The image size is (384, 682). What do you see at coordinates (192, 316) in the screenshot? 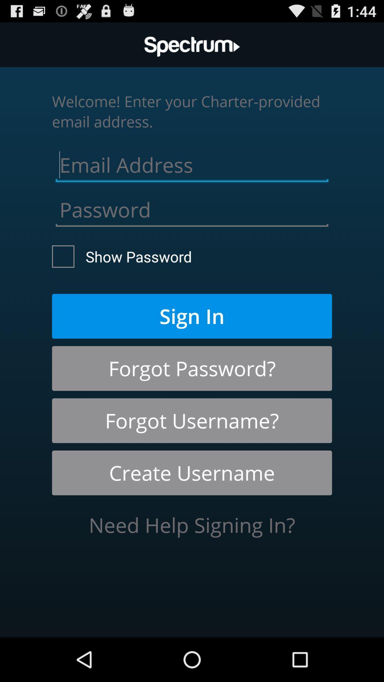
I see `the item below show password icon` at bounding box center [192, 316].